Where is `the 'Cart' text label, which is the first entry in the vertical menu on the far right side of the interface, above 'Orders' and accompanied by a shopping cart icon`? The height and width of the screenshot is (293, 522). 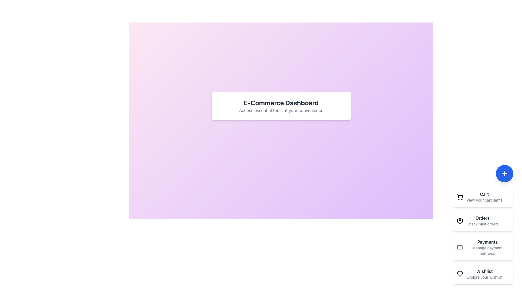
the 'Cart' text label, which is the first entry in the vertical menu on the far right side of the interface, above 'Orders' and accompanied by a shopping cart icon is located at coordinates (484, 197).